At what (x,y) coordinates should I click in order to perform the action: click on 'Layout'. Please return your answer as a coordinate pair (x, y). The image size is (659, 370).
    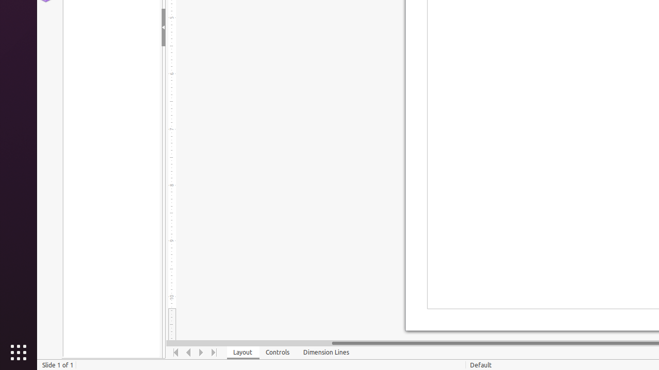
    Looking at the image, I should click on (242, 352).